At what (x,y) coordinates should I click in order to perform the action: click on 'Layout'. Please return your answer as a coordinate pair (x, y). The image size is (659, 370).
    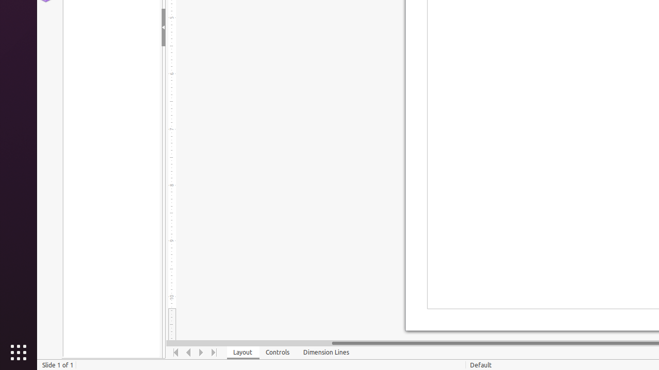
    Looking at the image, I should click on (242, 352).